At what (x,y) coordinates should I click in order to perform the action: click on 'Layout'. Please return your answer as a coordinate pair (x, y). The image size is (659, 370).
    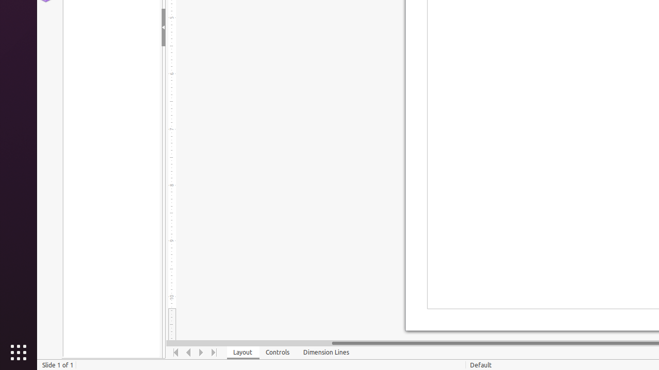
    Looking at the image, I should click on (242, 352).